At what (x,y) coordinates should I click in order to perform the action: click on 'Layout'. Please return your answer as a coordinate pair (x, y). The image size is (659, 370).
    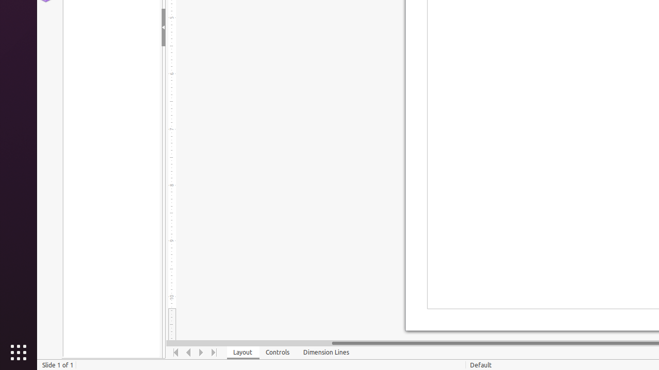
    Looking at the image, I should click on (242, 352).